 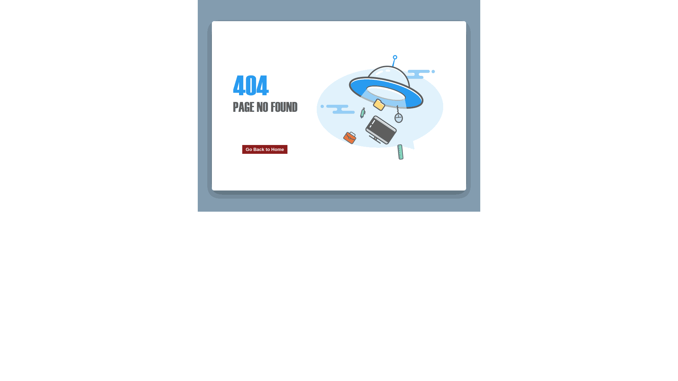 I want to click on 'Go Back to Home', so click(x=264, y=149).